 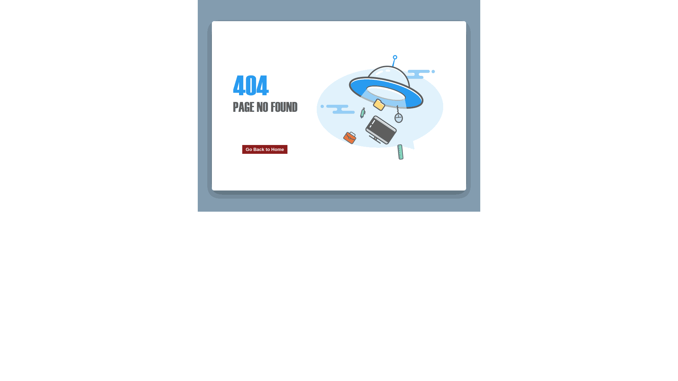 I want to click on 'Go Back to Home', so click(x=264, y=149).